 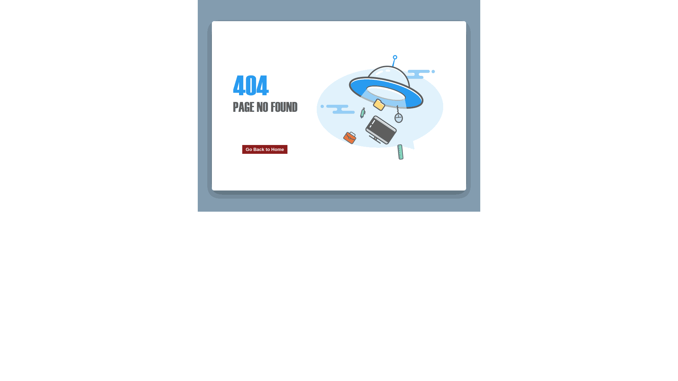 I want to click on 'Go Back to Home', so click(x=264, y=149).